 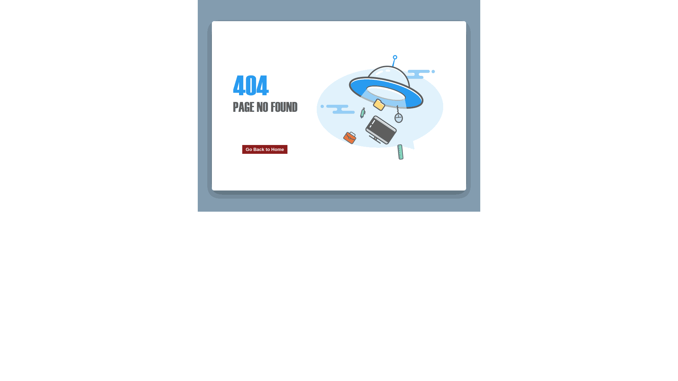 I want to click on 'Go Back to Home', so click(x=264, y=149).